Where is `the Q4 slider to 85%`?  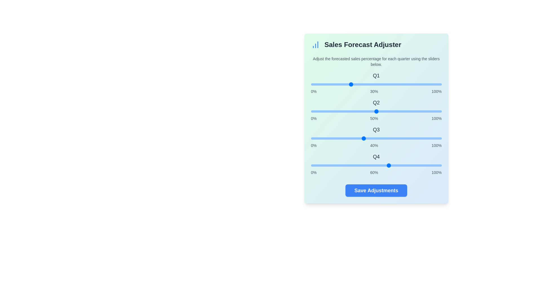
the Q4 slider to 85% is located at coordinates (422, 165).